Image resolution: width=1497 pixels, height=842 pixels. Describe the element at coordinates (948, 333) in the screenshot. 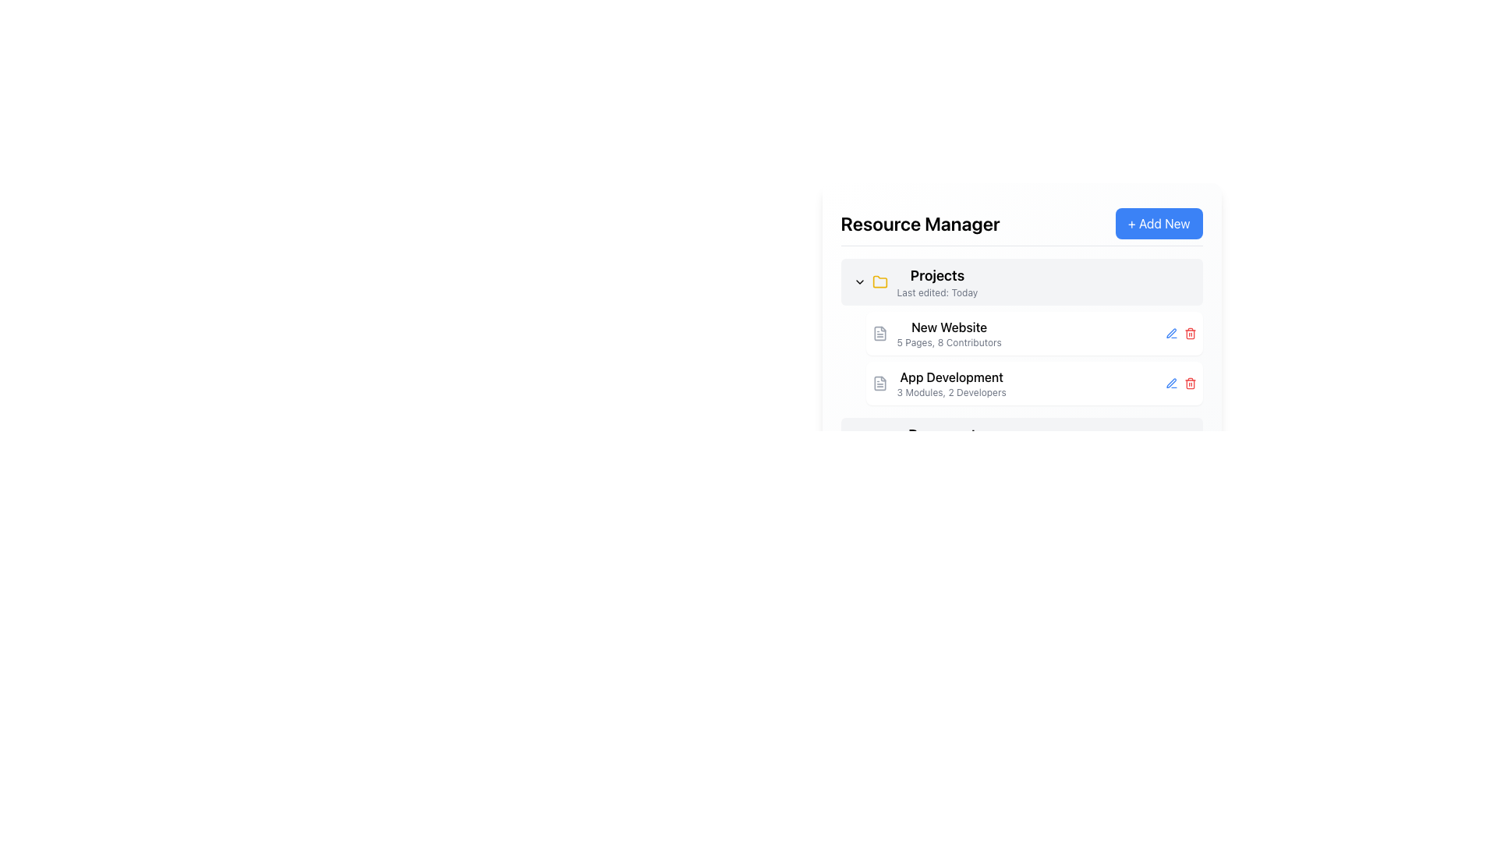

I see `the text block titled 'New Website' in the 'Projects' section of the 'Resource Manager', which displays 'New Website' in bold and '5 Pages, 8 Contributors' in a smaller font below` at that location.